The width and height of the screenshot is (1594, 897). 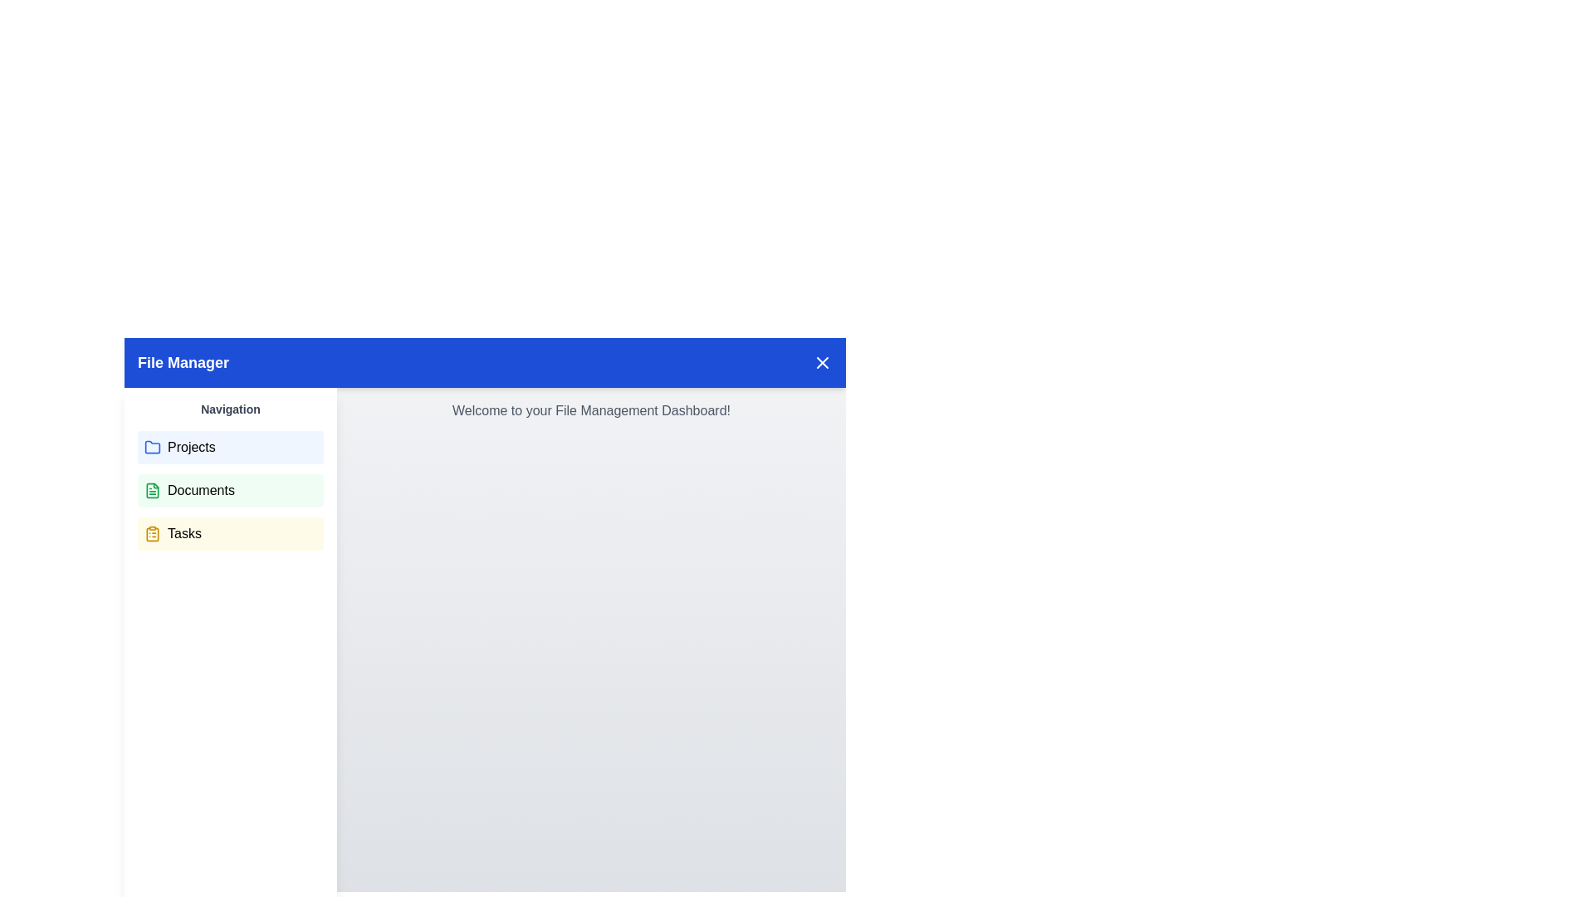 What do you see at coordinates (591, 410) in the screenshot?
I see `the static informational text displaying 'Welcome to your File Management Dashboard!' in light gray font, located centrally below the 'File Manager' header` at bounding box center [591, 410].